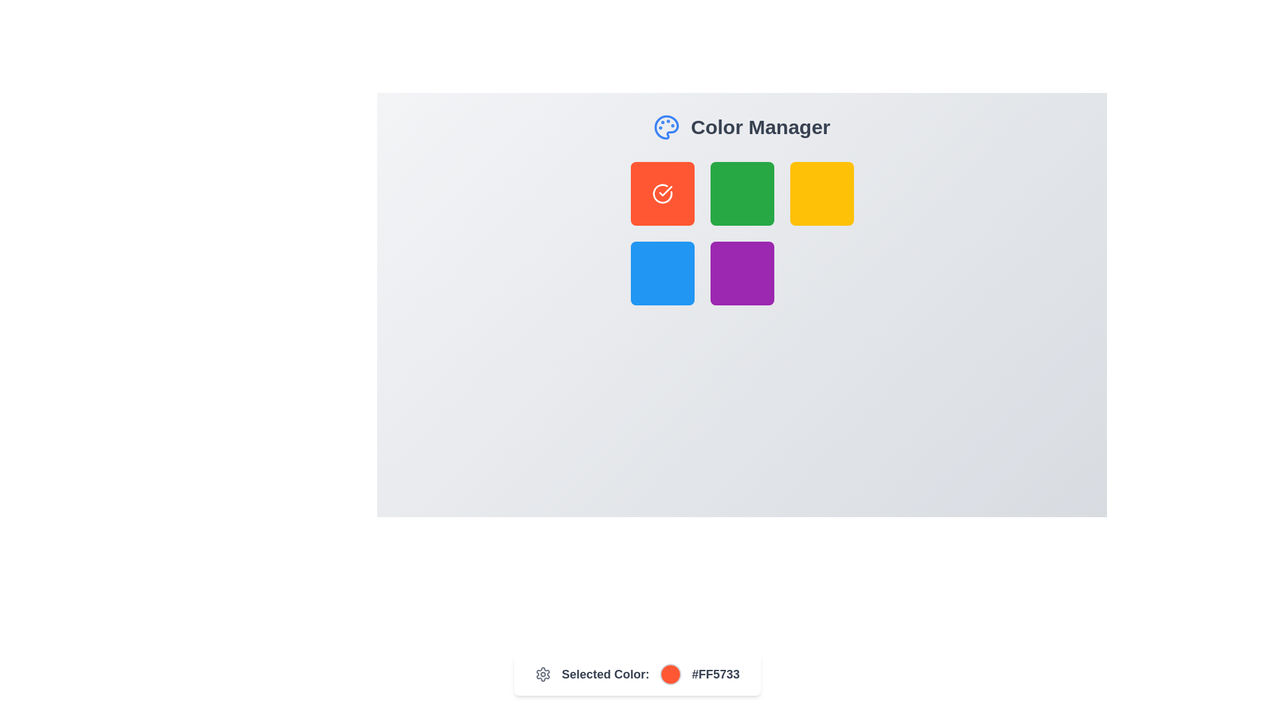  Describe the element at coordinates (670, 674) in the screenshot. I see `the color indication of the vibrant orange circular color indicator located within the 'Selected Color' component, positioned between the text 'Selected Color:' and '#FF5733'` at that location.